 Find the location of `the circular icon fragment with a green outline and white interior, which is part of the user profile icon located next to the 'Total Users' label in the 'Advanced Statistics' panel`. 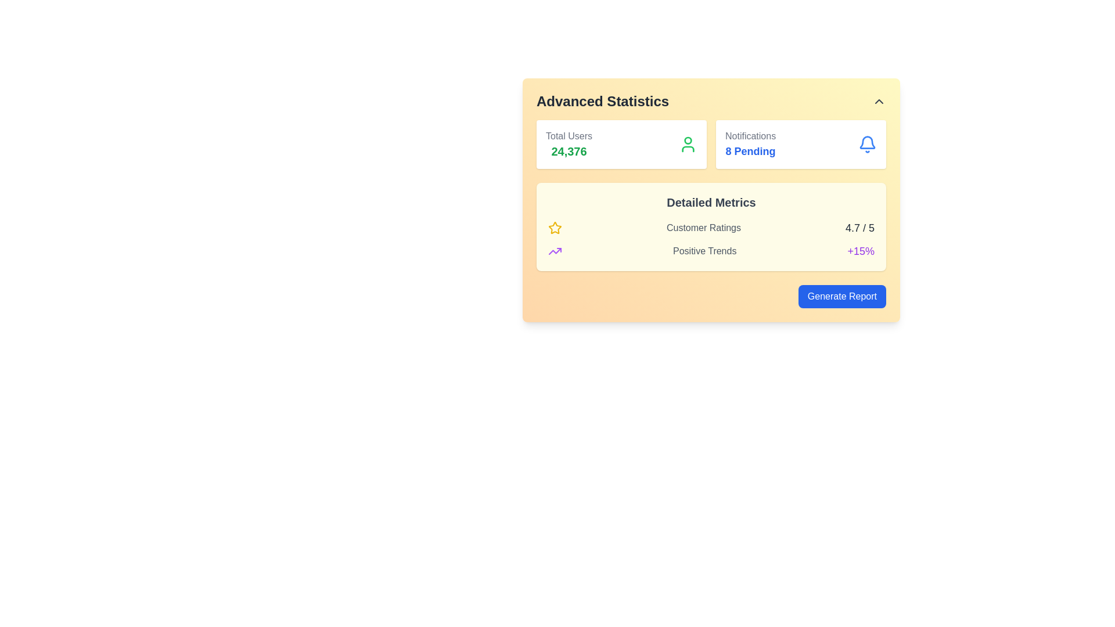

the circular icon fragment with a green outline and white interior, which is part of the user profile icon located next to the 'Total Users' label in the 'Advanced Statistics' panel is located at coordinates (688, 140).